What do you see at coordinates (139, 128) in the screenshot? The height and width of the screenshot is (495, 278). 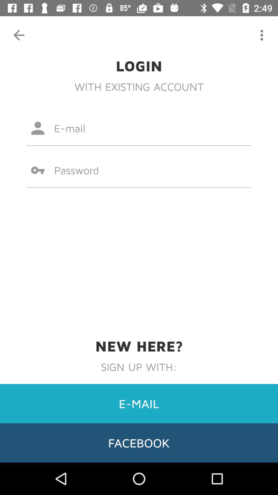 I see `the icon below with existing account icon` at bounding box center [139, 128].